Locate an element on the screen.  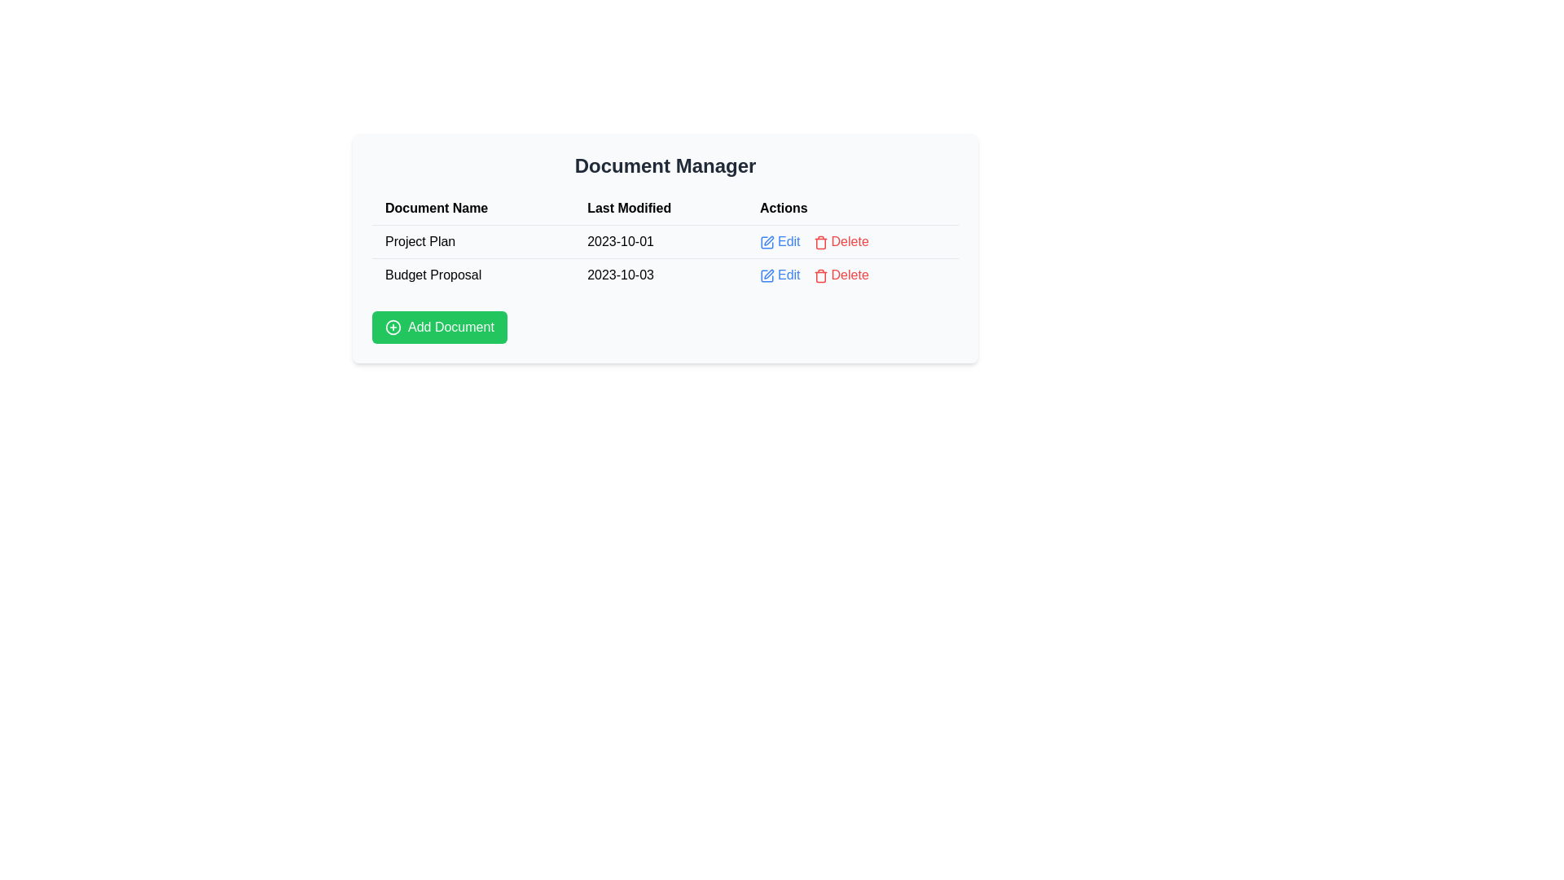
the 'Delete' button, which is the second option in the 'Actions' column of the second row of the table, to trigger its hover effect that changes its color to a darker red shade is located at coordinates (841, 275).